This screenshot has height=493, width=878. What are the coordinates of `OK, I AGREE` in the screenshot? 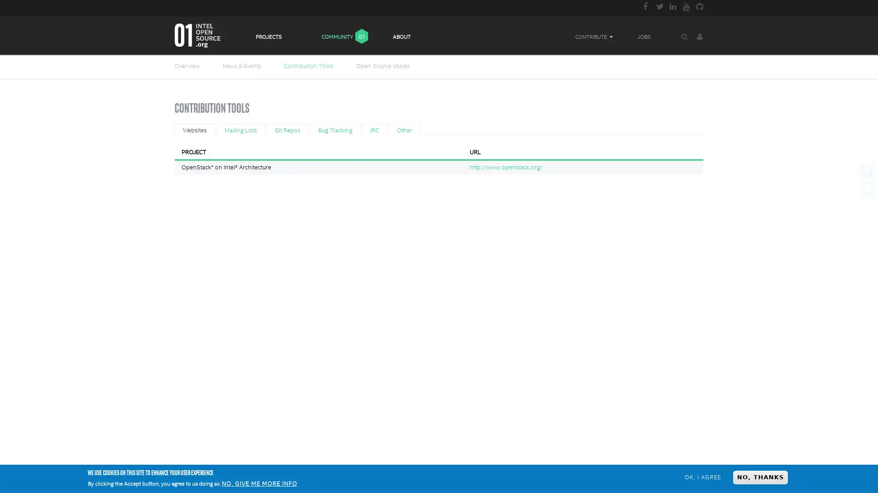 It's located at (702, 477).